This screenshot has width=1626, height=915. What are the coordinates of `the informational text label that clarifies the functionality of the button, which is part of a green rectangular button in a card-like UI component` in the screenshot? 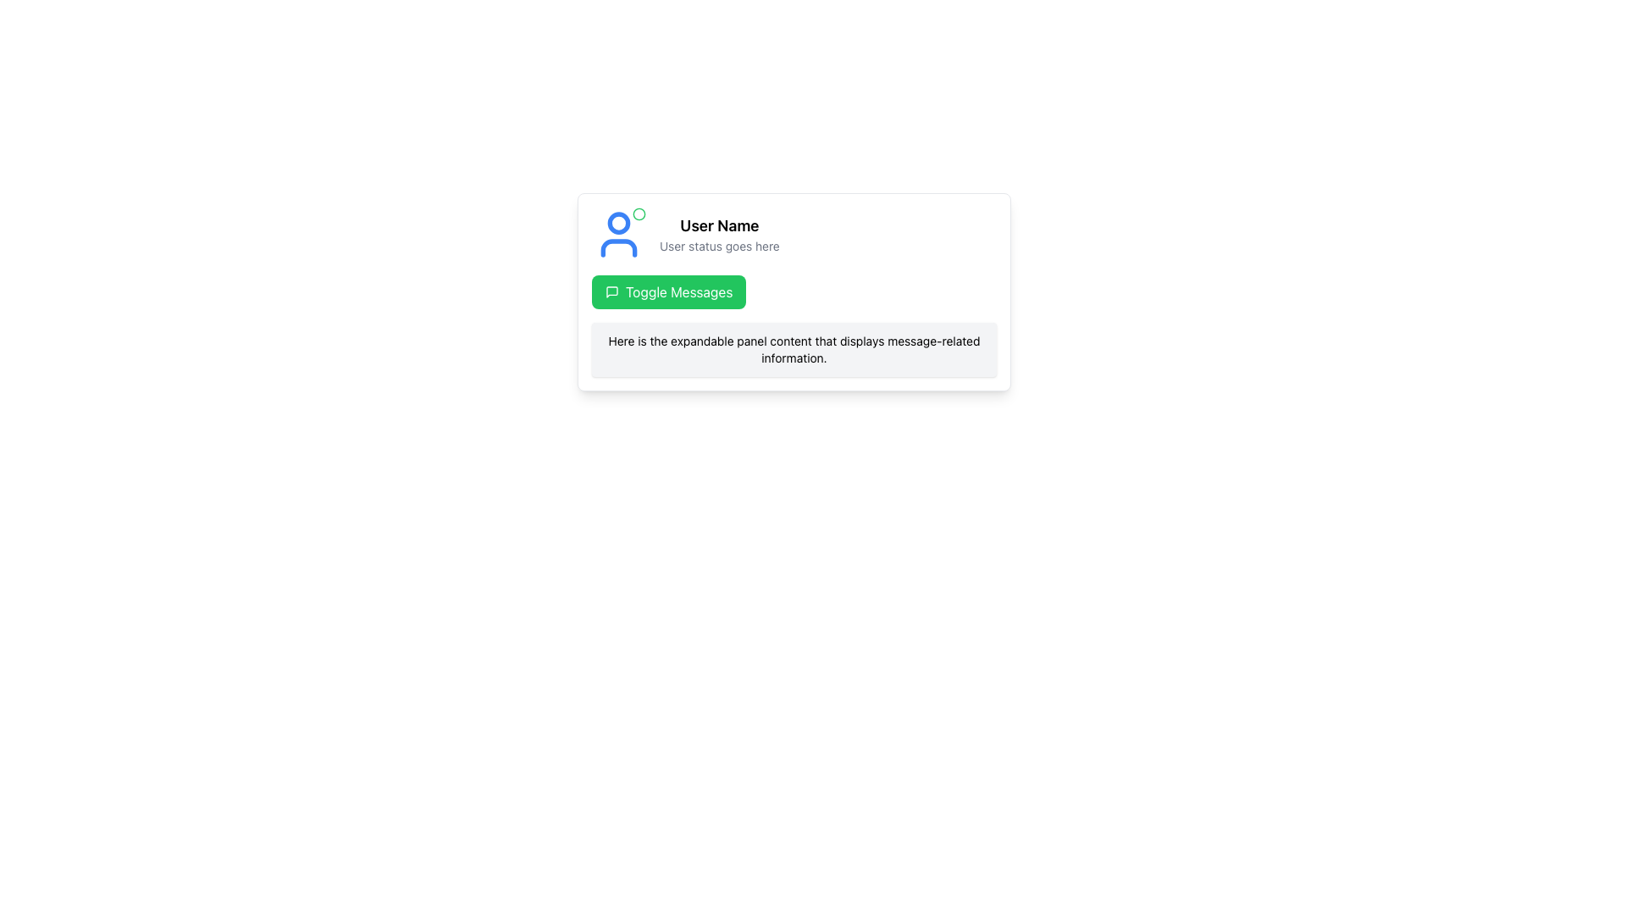 It's located at (679, 291).